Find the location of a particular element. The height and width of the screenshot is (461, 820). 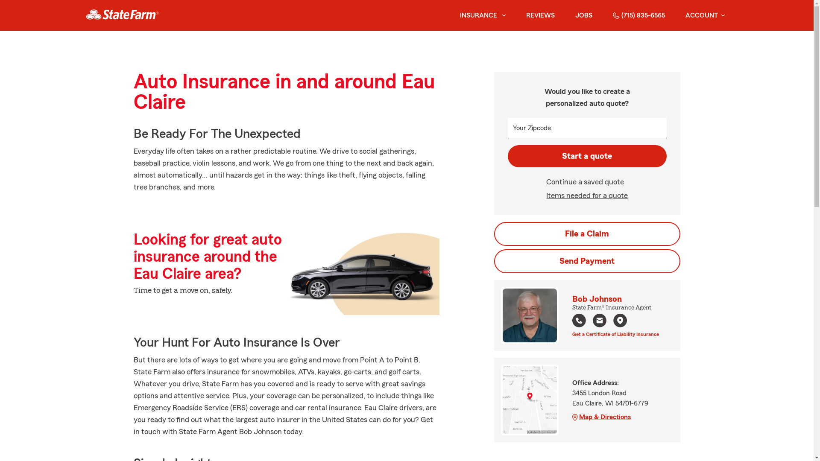

'Items needed for a quote' is located at coordinates (545, 195).